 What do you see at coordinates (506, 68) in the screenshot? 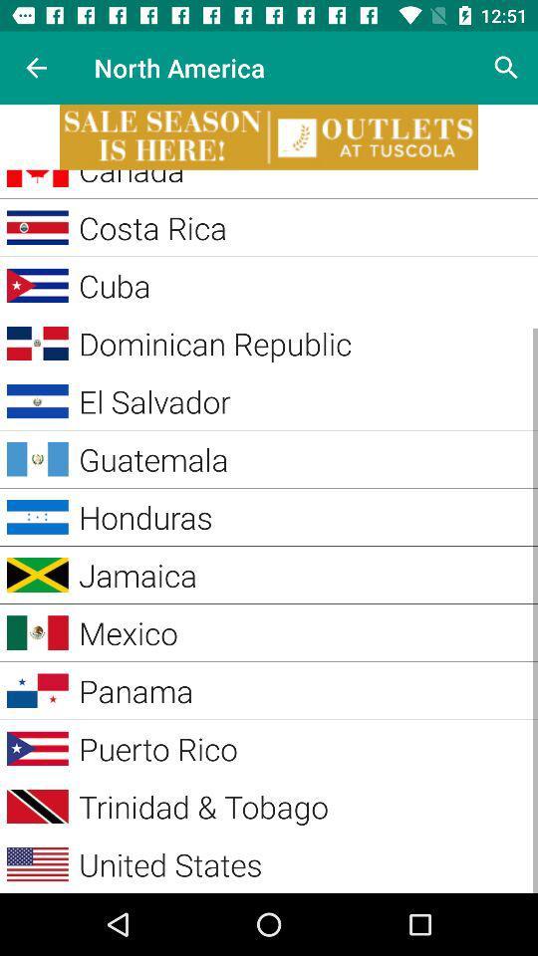
I see `search box` at bounding box center [506, 68].